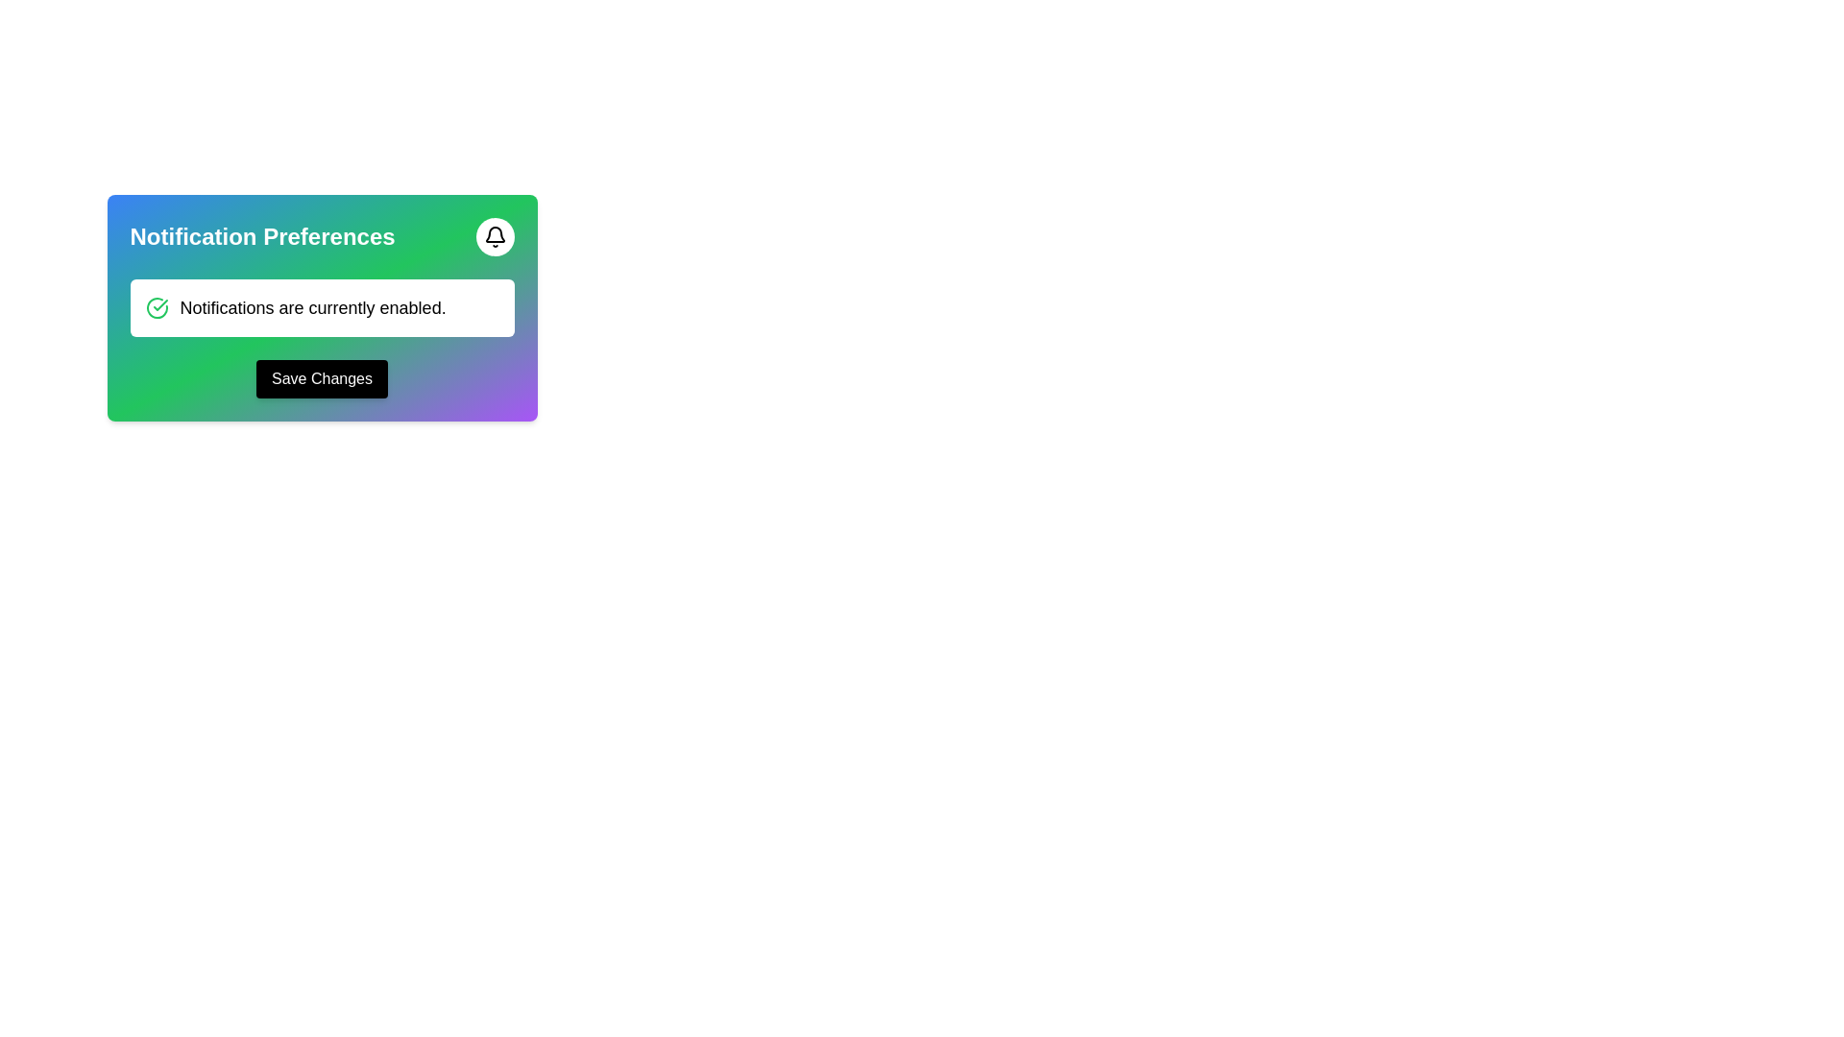 The width and height of the screenshot is (1844, 1037). I want to click on the bell icon located in the top-right corner of the notification preference card, so click(495, 235).